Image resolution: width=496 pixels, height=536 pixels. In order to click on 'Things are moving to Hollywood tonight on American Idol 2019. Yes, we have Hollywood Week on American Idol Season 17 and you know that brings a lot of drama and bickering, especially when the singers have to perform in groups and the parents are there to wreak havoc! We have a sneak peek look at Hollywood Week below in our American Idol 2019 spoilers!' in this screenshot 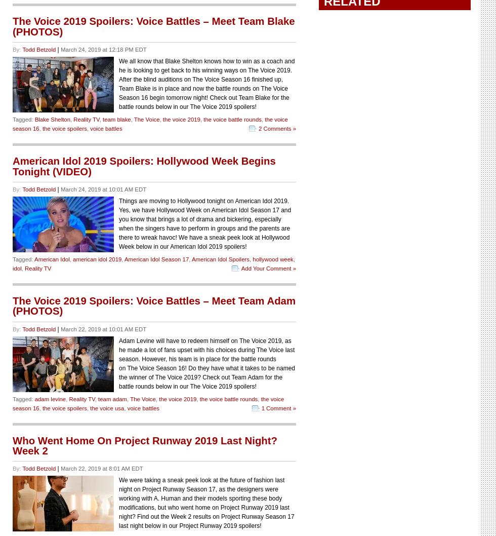, I will do `click(205, 223)`.